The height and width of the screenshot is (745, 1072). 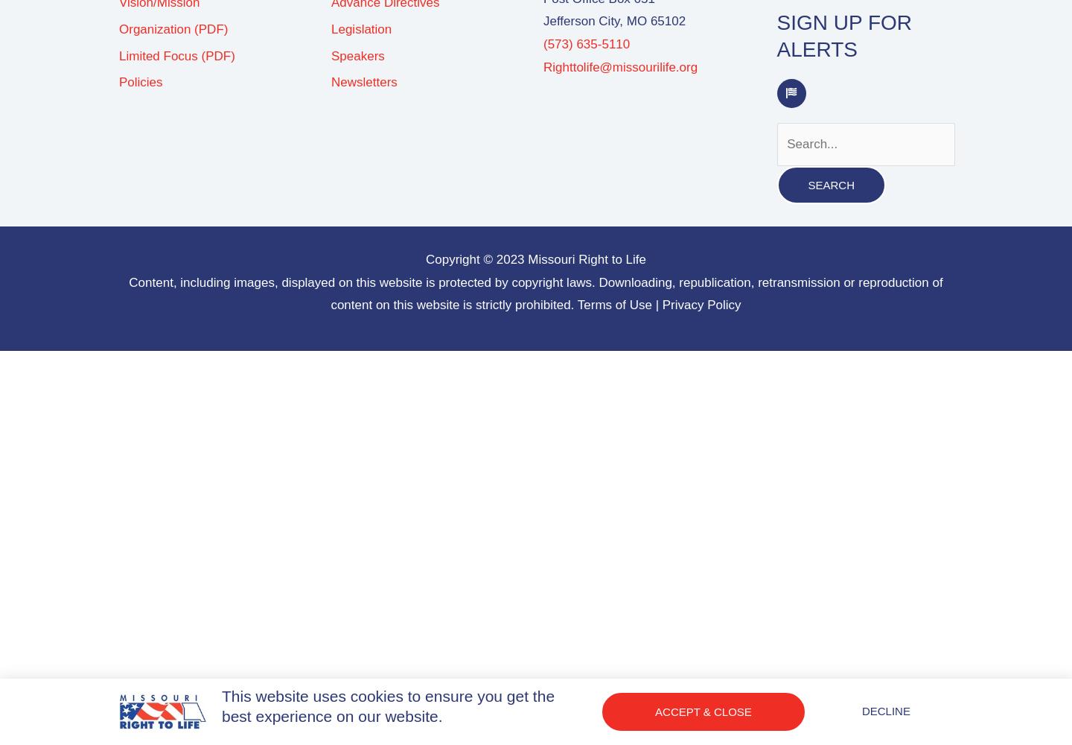 What do you see at coordinates (357, 54) in the screenshot?
I see `'Speakers'` at bounding box center [357, 54].